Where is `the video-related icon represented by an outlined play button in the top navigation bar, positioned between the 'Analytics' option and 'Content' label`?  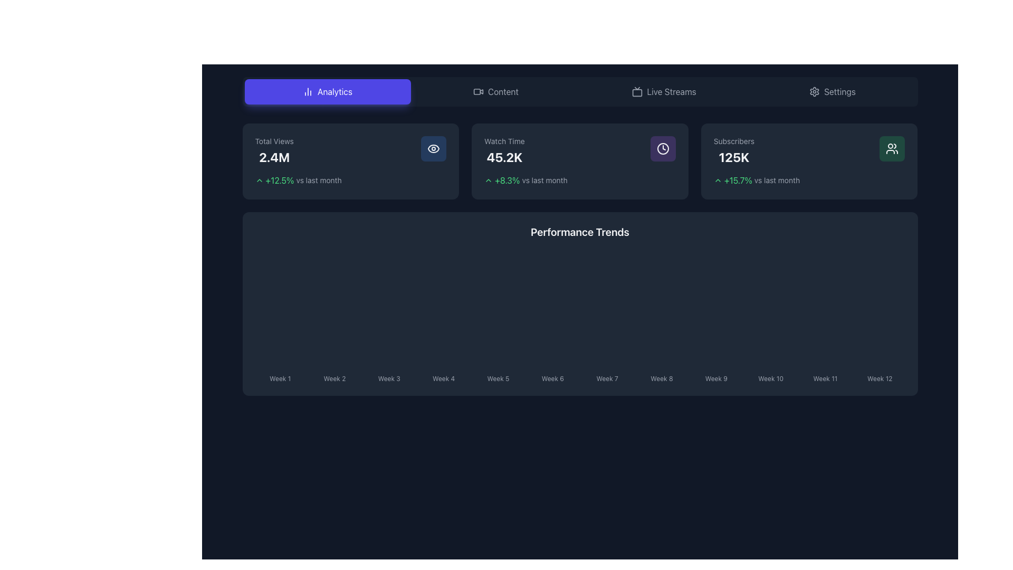 the video-related icon represented by an outlined play button in the top navigation bar, positioned between the 'Analytics' option and 'Content' label is located at coordinates (478, 91).